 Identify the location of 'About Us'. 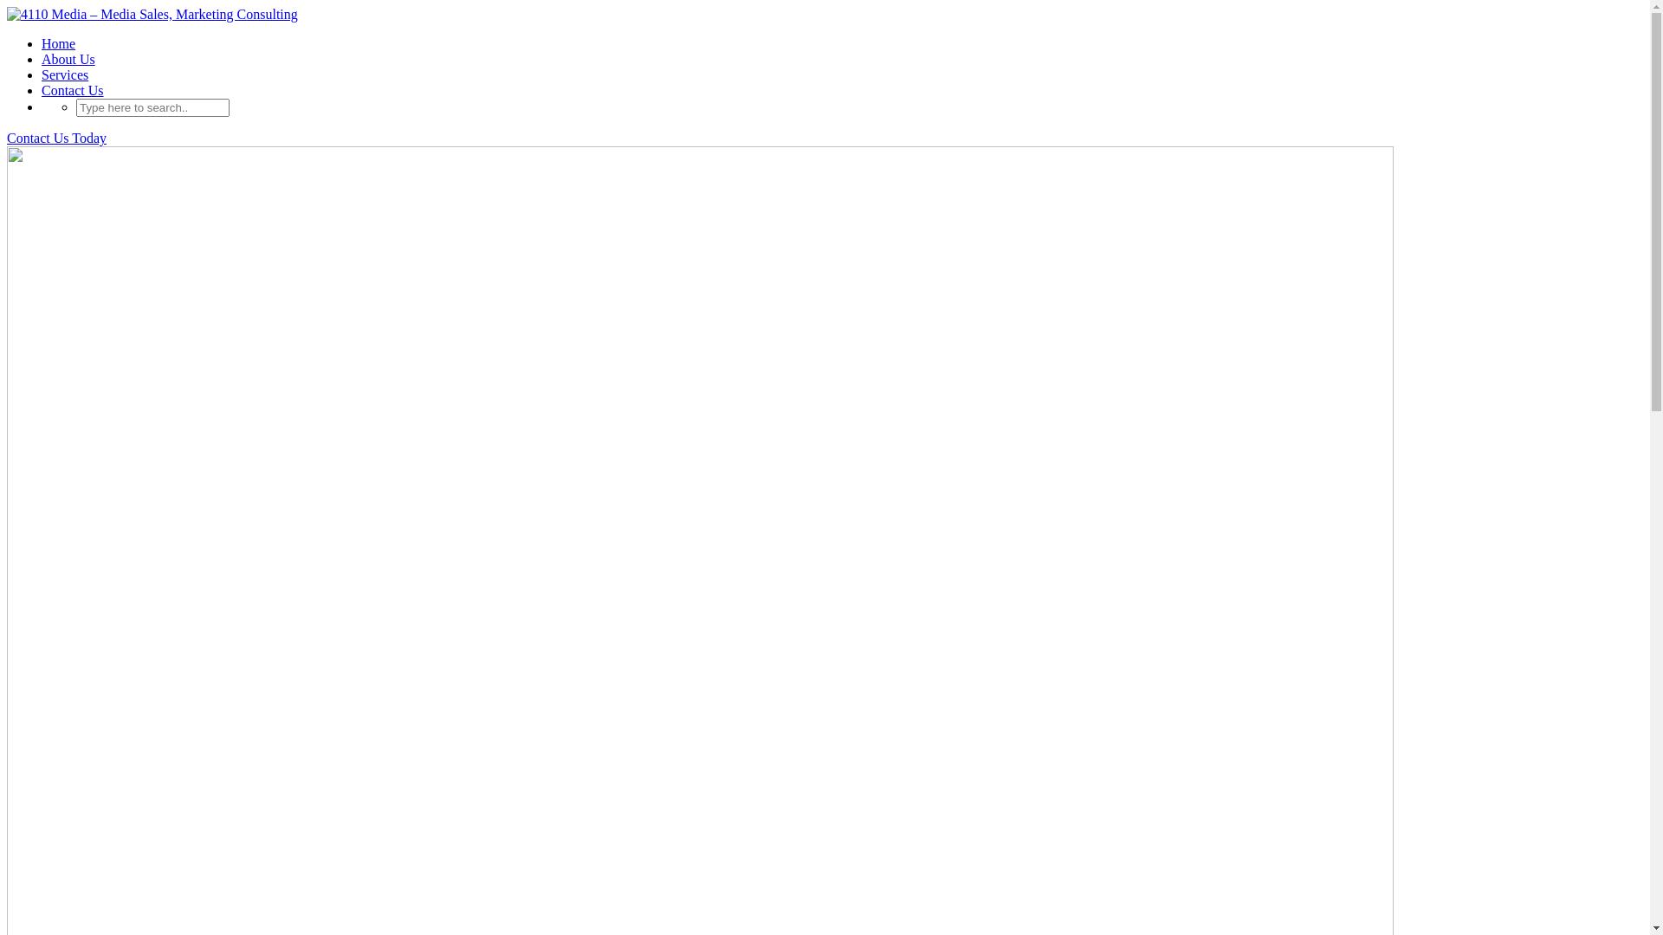
(68, 58).